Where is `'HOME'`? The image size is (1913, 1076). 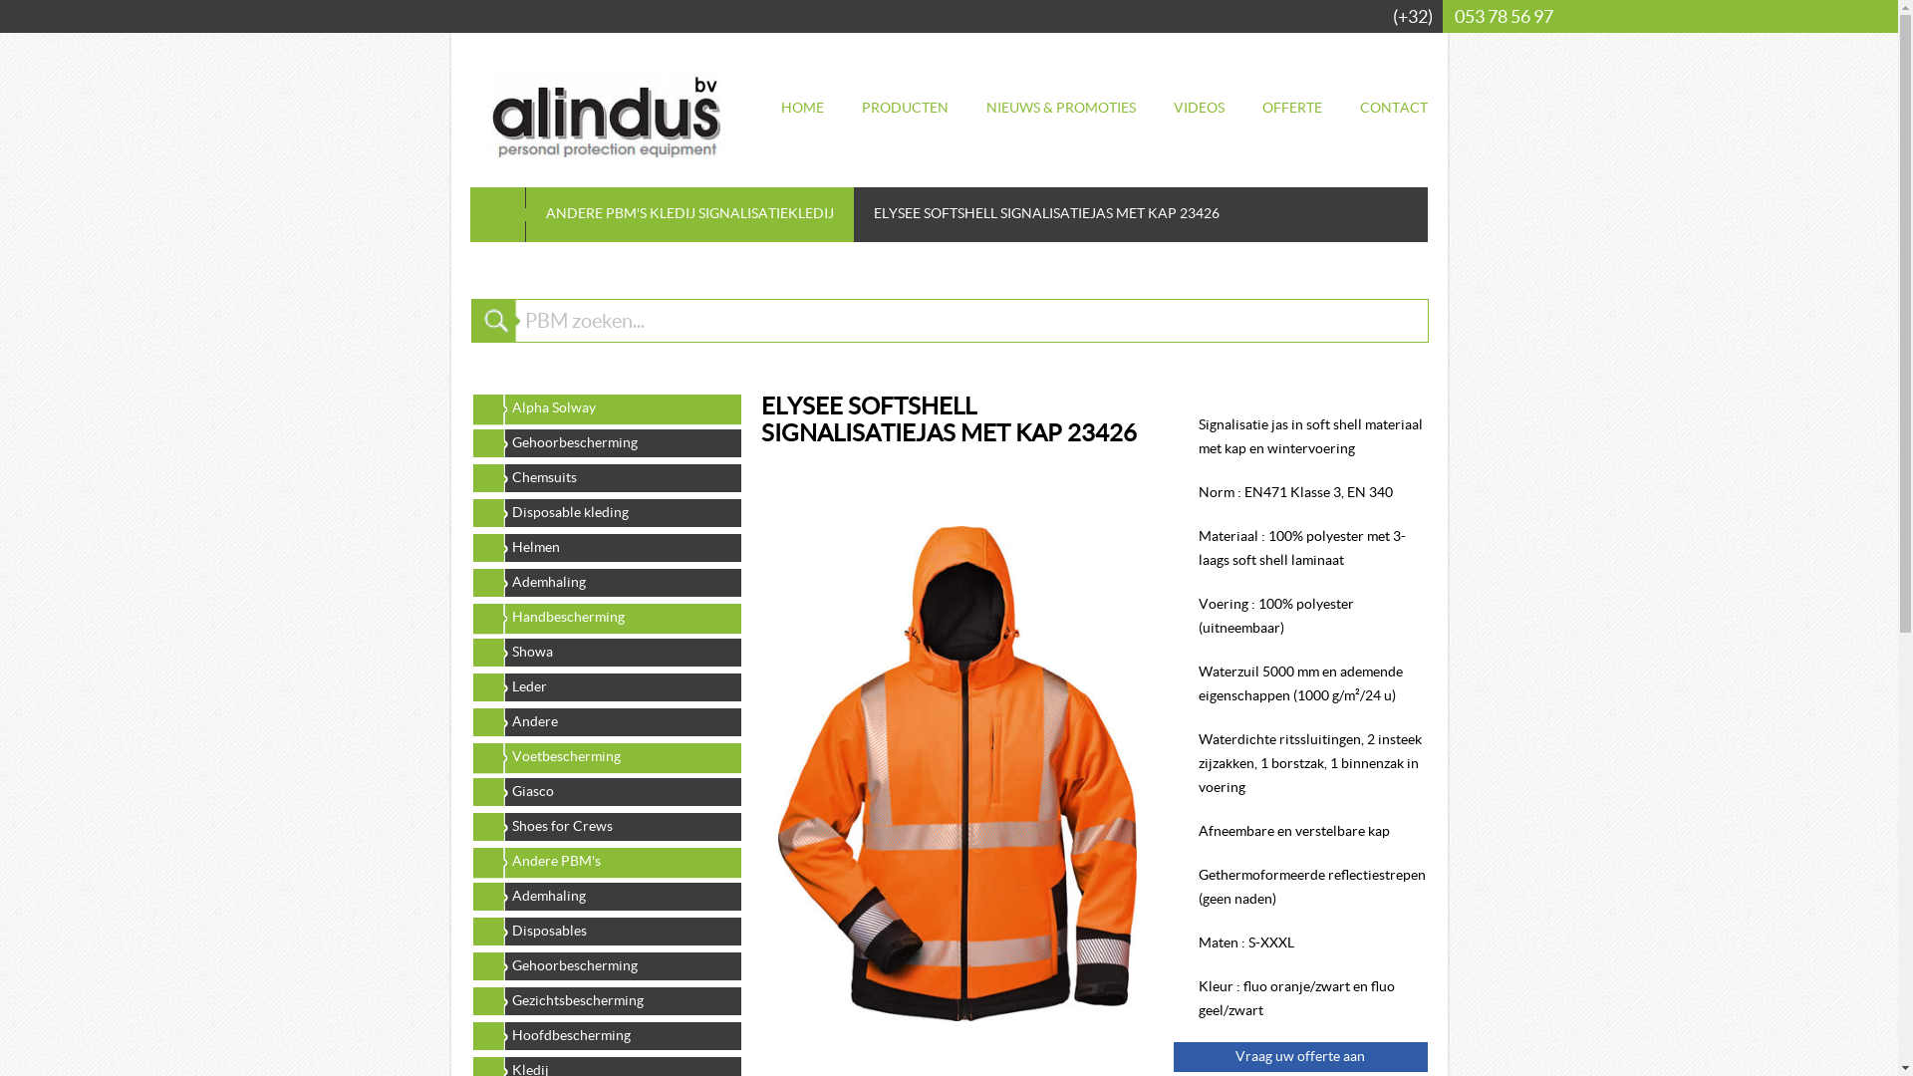
'HOME' is located at coordinates (802, 108).